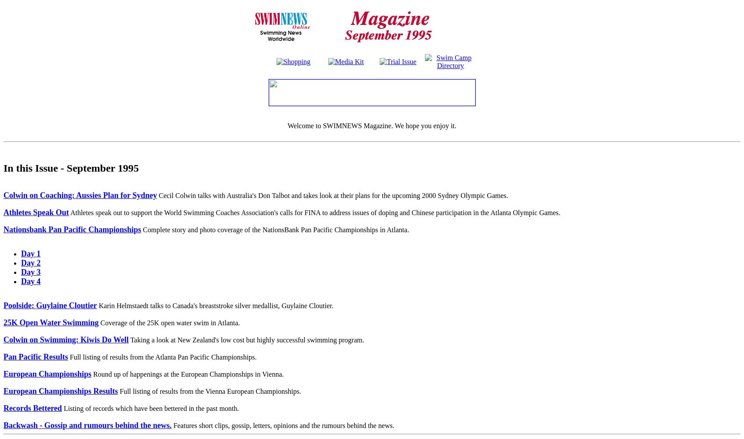 This screenshot has height=439, width=744. I want to click on 'Welcome to SWIMNEWS Magazine. We hope you enjoy it.', so click(371, 126).